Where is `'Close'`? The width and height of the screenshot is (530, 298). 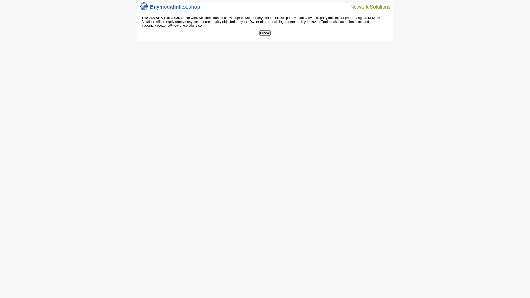 'Close' is located at coordinates (265, 33).